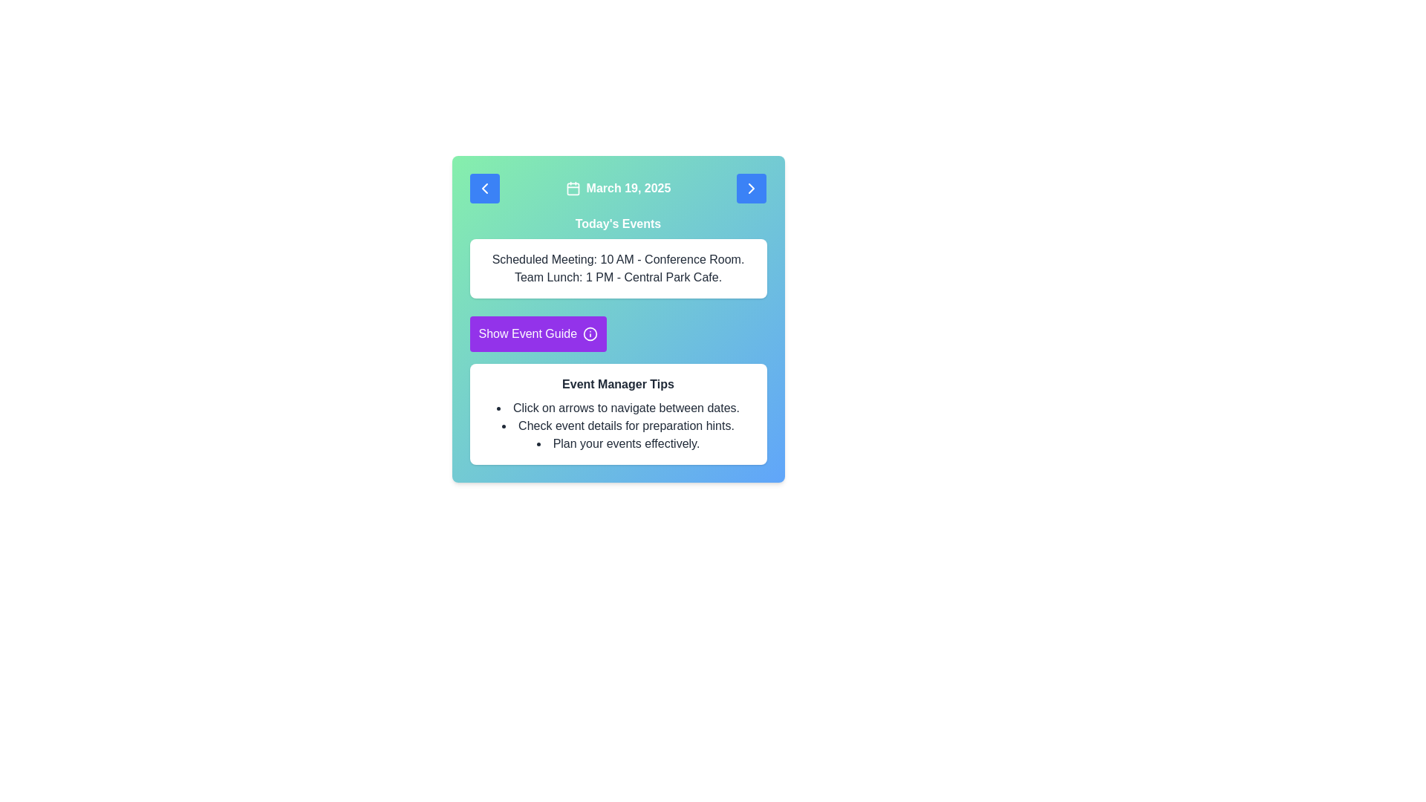 This screenshot has width=1426, height=802. I want to click on the date section icon located to the left of the text 'March 19, 2025' at the top center of the interface, so click(572, 188).